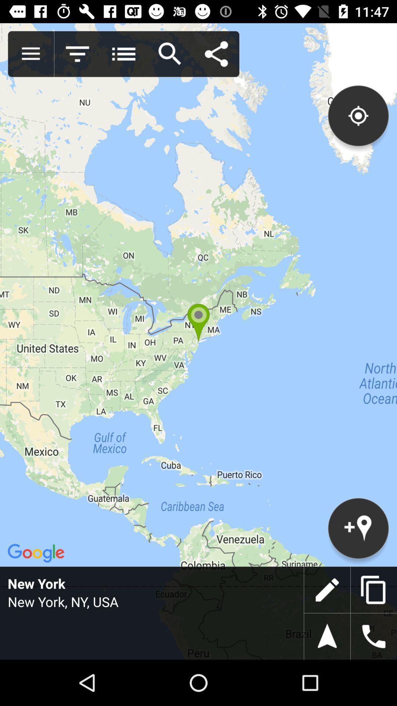 Image resolution: width=397 pixels, height=706 pixels. Describe the element at coordinates (374, 636) in the screenshot. I see `open phone` at that location.